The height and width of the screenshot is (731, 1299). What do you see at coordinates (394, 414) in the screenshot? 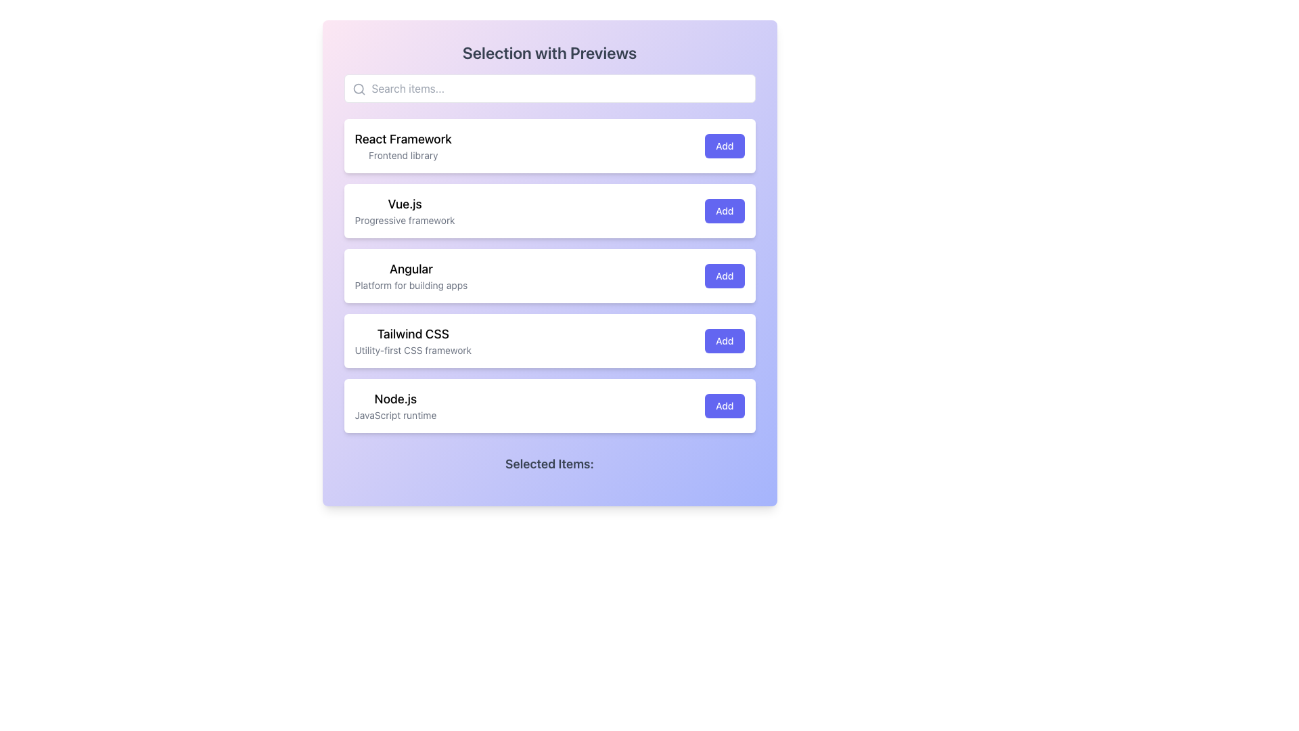
I see `the static descriptive label displaying the text 'JavaScript runtime', which is located directly below the 'Node.js' title and aligned left` at bounding box center [394, 414].